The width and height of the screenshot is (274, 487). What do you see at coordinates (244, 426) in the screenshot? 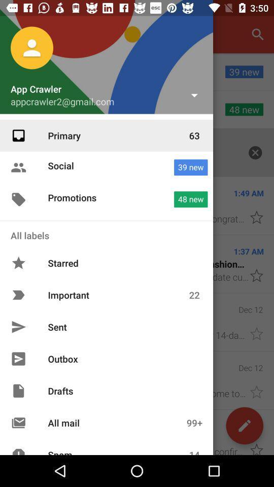
I see `the edit icon` at bounding box center [244, 426].